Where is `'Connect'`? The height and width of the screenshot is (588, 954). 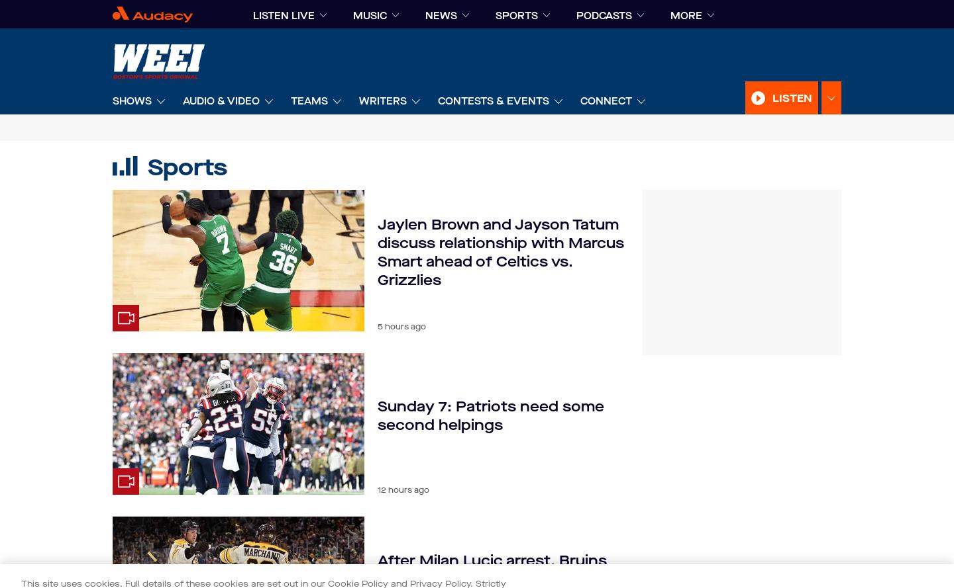 'Connect' is located at coordinates (606, 101).